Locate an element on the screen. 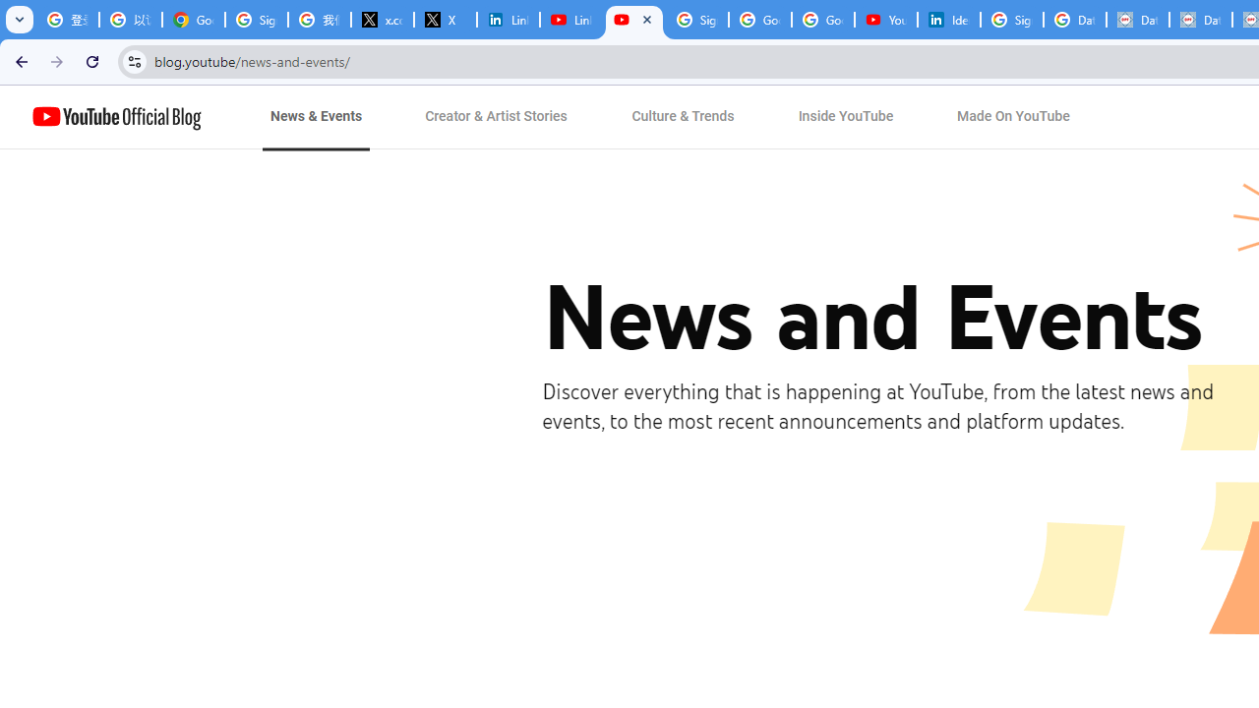 Image resolution: width=1259 pixels, height=708 pixels. 'Sign in - Google Accounts' is located at coordinates (697, 20).